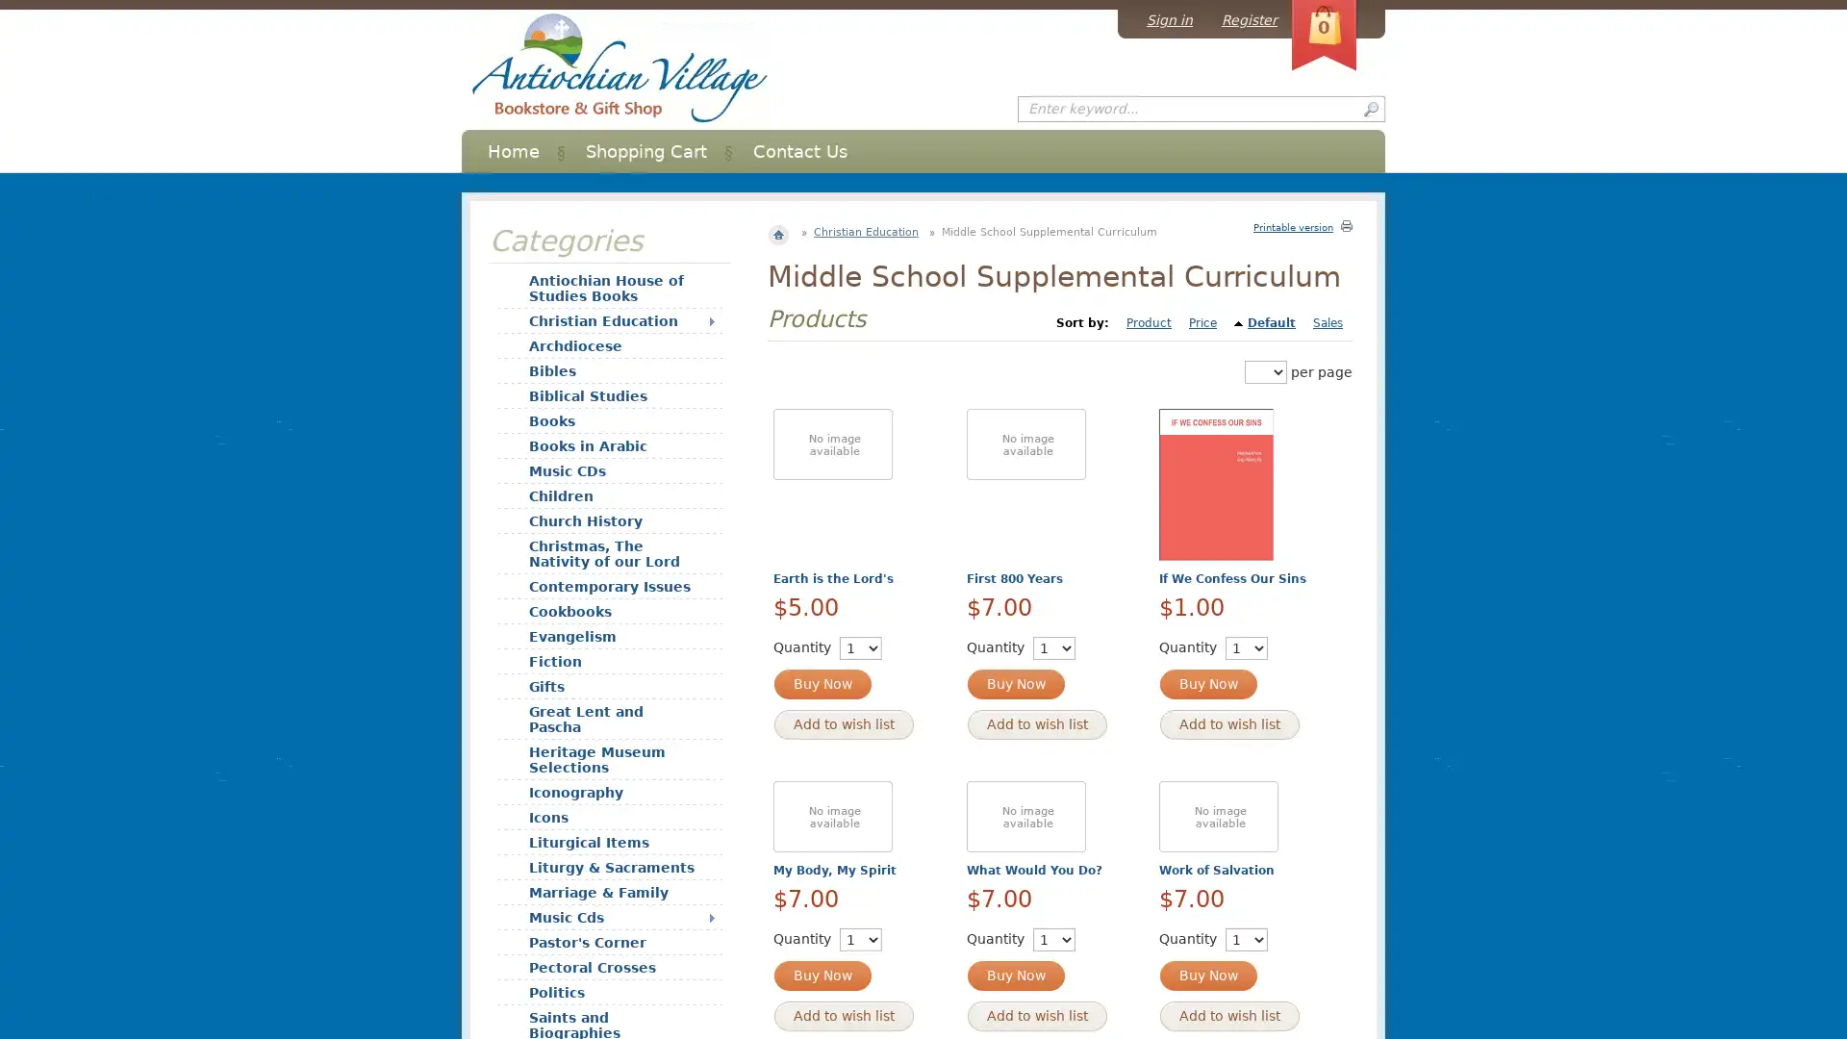  What do you see at coordinates (1035, 1015) in the screenshot?
I see `Add to wish list` at bounding box center [1035, 1015].